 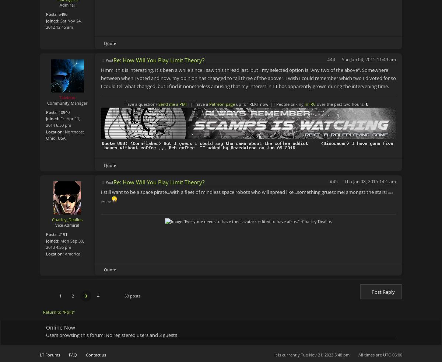 What do you see at coordinates (95, 355) in the screenshot?
I see `'Contact us'` at bounding box center [95, 355].